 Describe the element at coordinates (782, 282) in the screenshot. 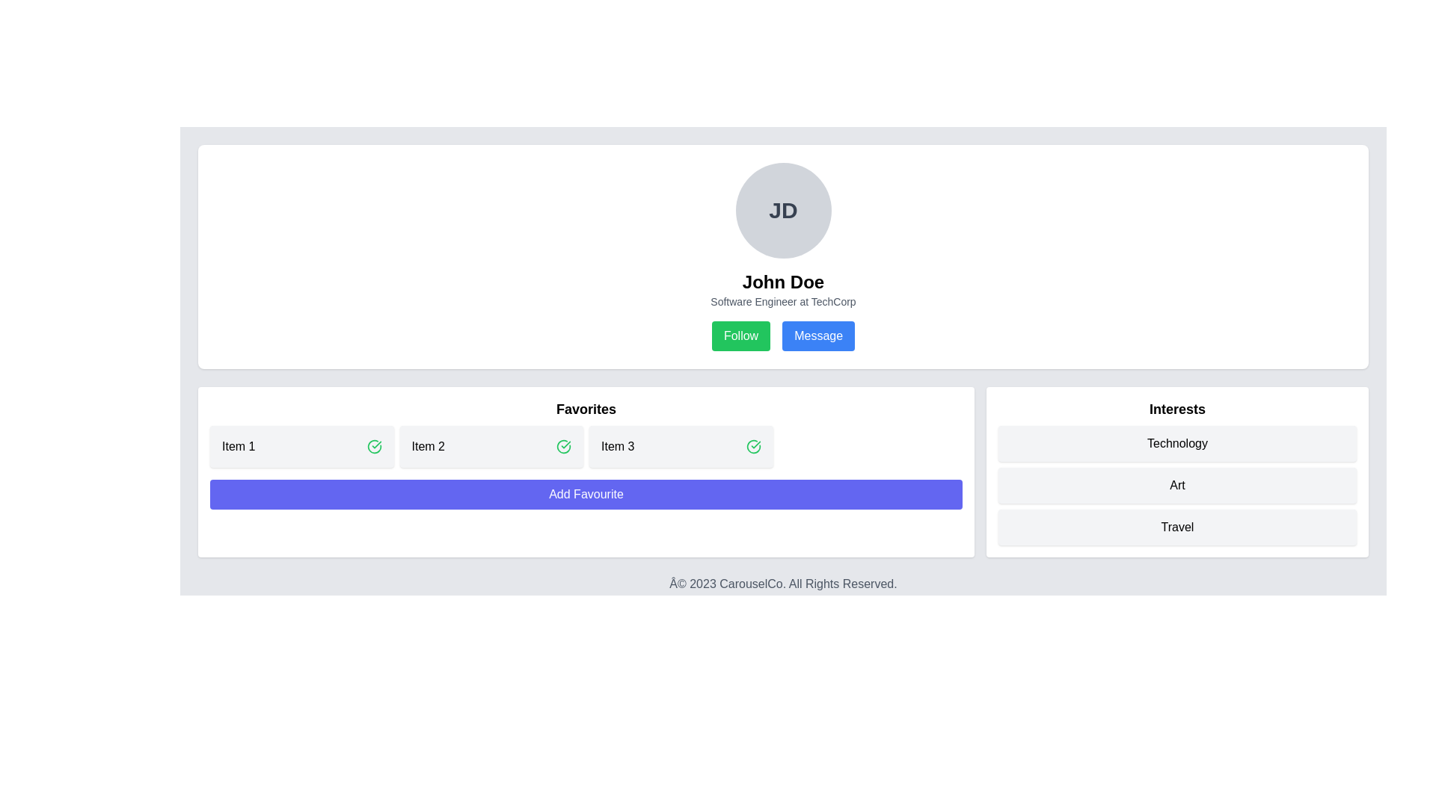

I see `the text label displaying 'John Doe' which is centrally aligned under a circular avatar labeled 'JD' in the user profile section` at that location.